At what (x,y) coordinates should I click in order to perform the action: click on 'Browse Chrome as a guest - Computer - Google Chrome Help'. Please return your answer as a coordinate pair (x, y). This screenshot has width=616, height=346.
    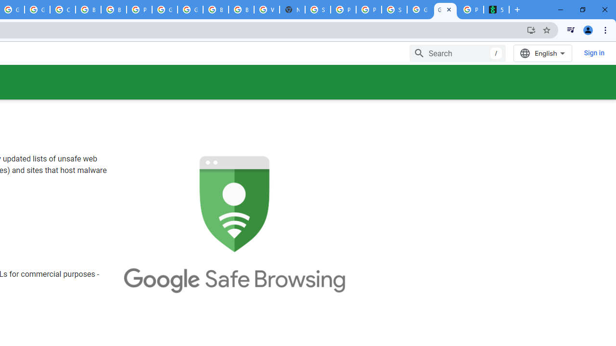
    Looking at the image, I should click on (114, 10).